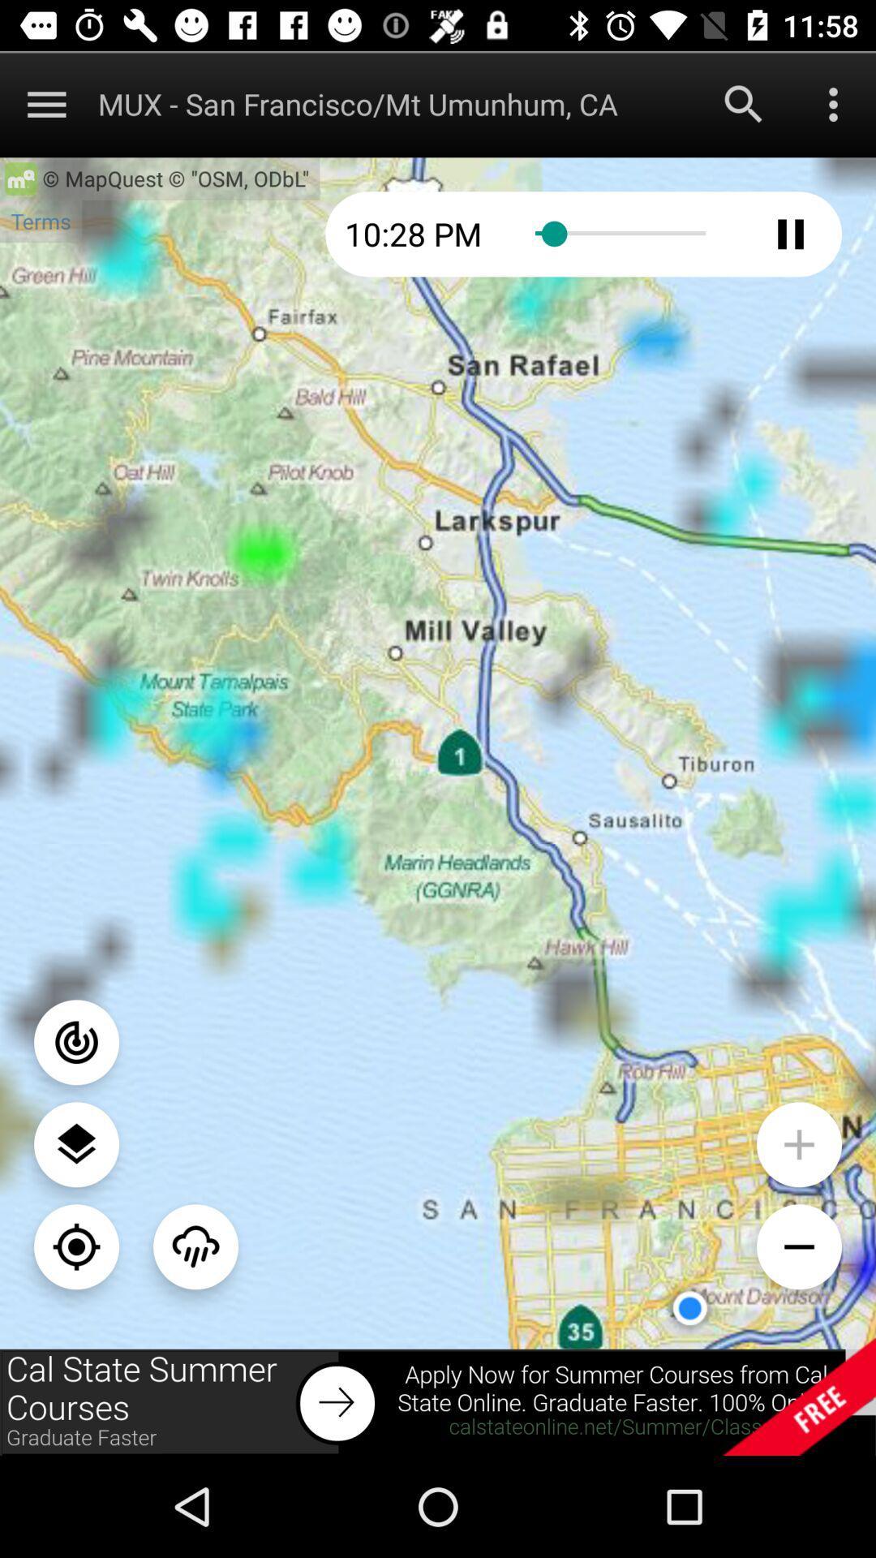 This screenshot has width=876, height=1558. I want to click on more settings, so click(833, 103).